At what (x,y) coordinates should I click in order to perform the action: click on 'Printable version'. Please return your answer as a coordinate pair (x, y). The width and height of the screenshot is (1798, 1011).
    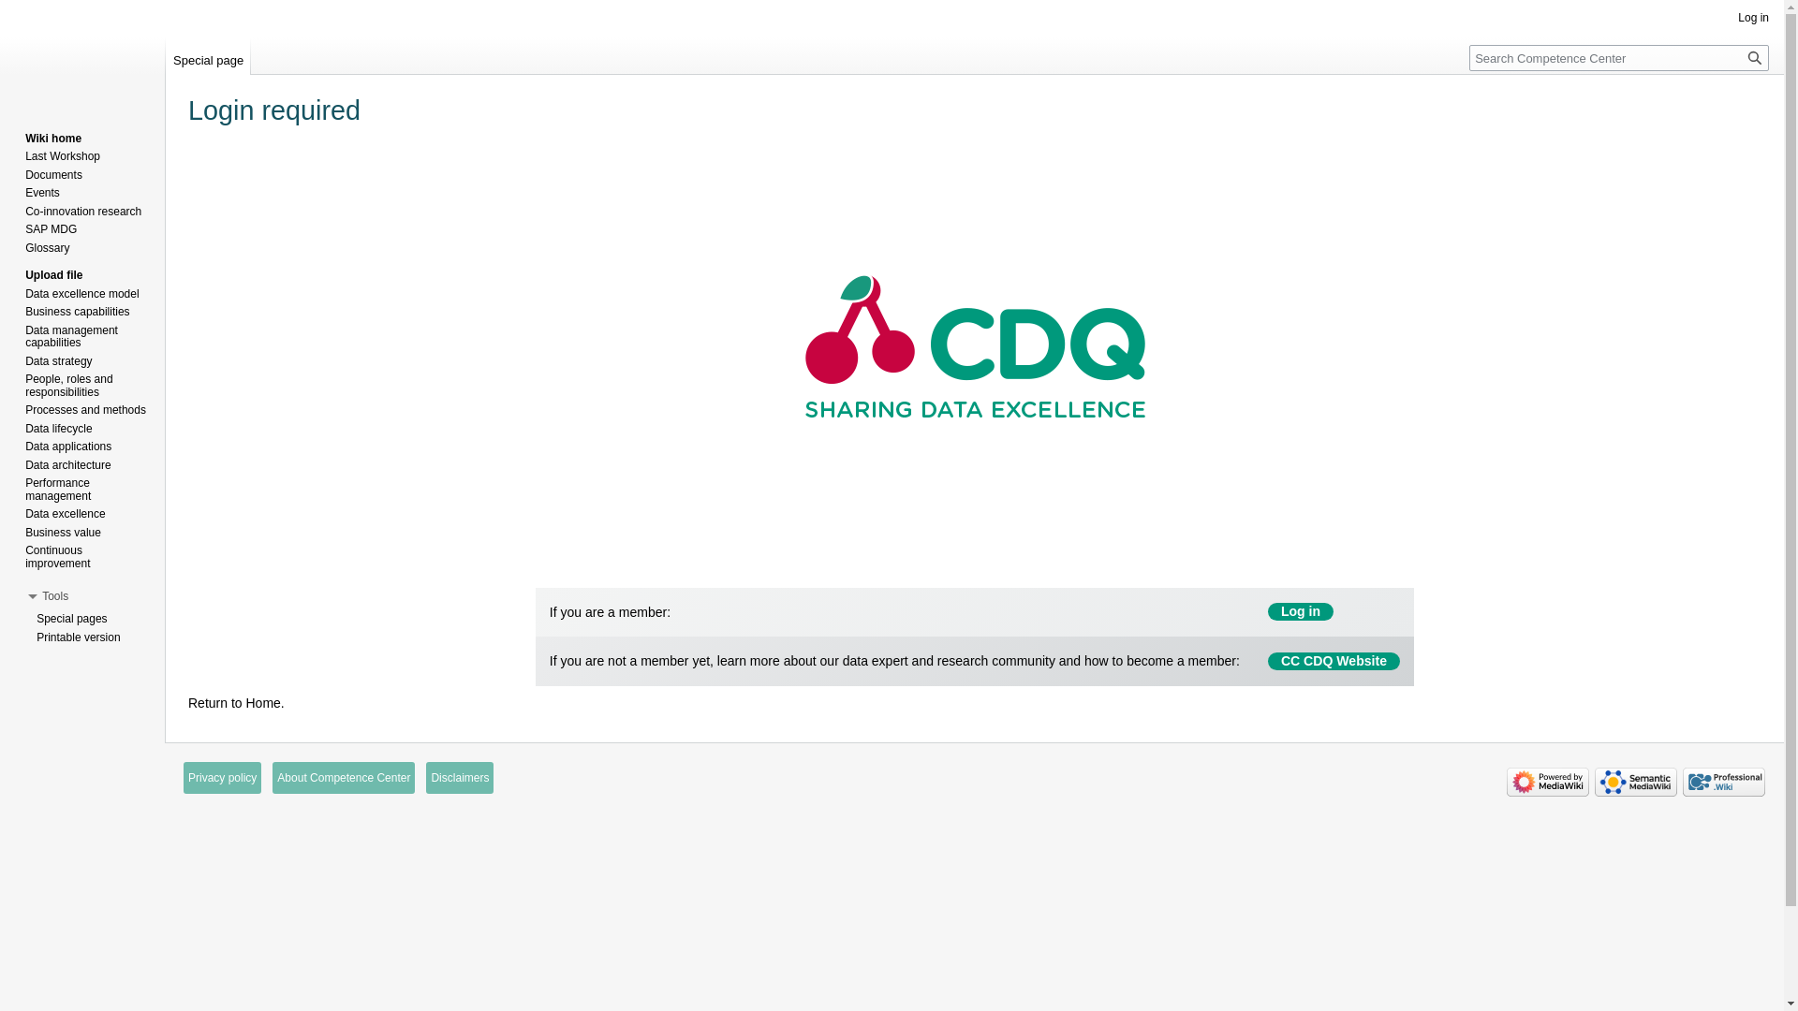
    Looking at the image, I should click on (36, 637).